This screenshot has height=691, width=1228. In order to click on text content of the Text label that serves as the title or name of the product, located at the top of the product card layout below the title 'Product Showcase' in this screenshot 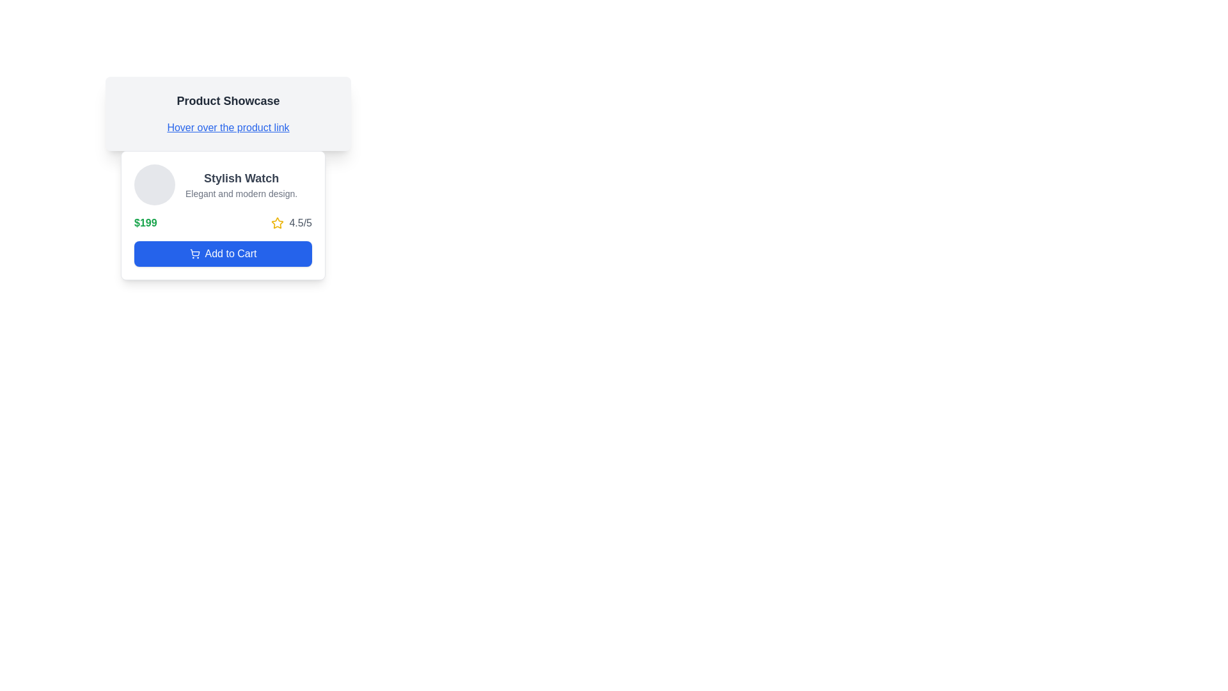, I will do `click(241, 178)`.